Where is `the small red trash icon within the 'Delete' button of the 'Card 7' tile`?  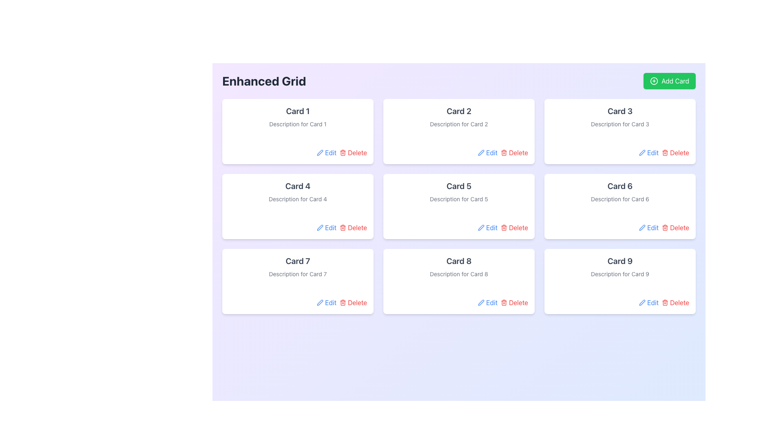 the small red trash icon within the 'Delete' button of the 'Card 7' tile is located at coordinates (343, 303).